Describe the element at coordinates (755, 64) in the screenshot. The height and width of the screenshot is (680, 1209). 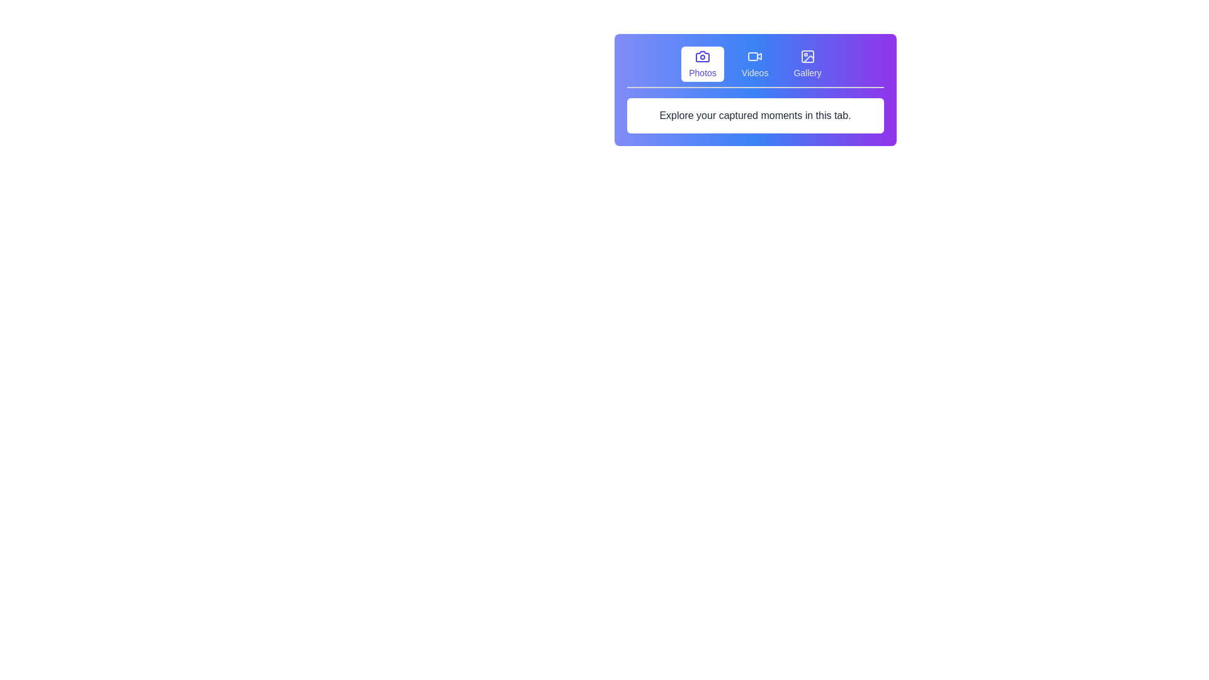
I see `the 'Videos' navigation button located between 'Photos' and 'Gallery' to trigger a visual response` at that location.